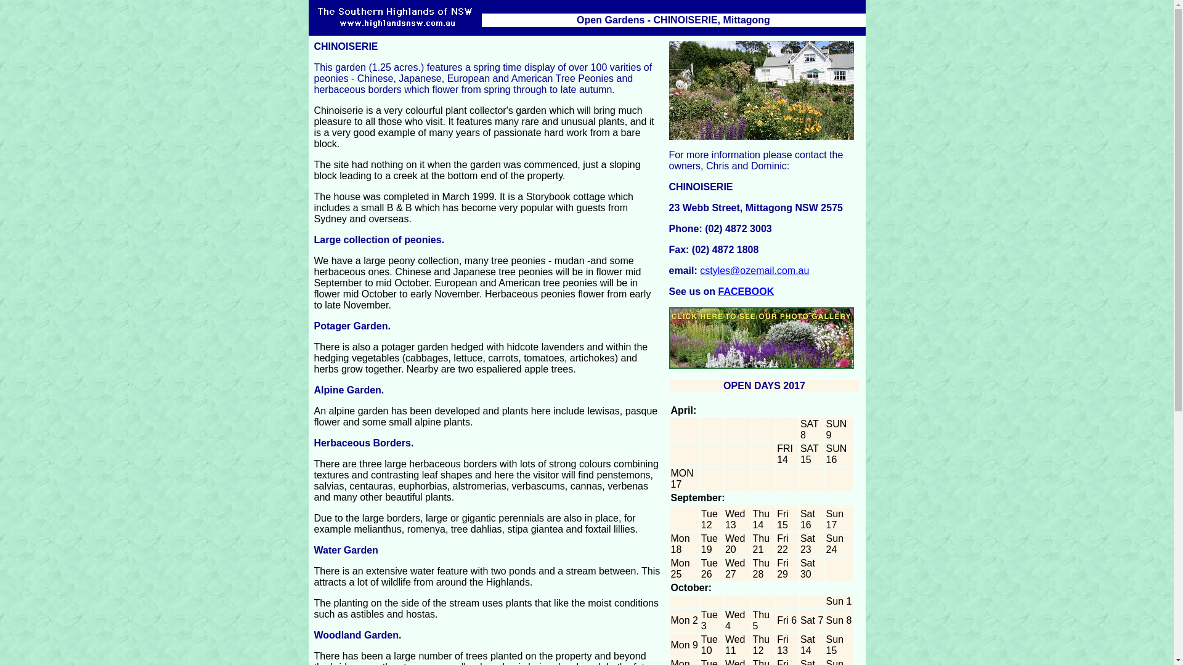  I want to click on 'FACEBOOK', so click(746, 291).